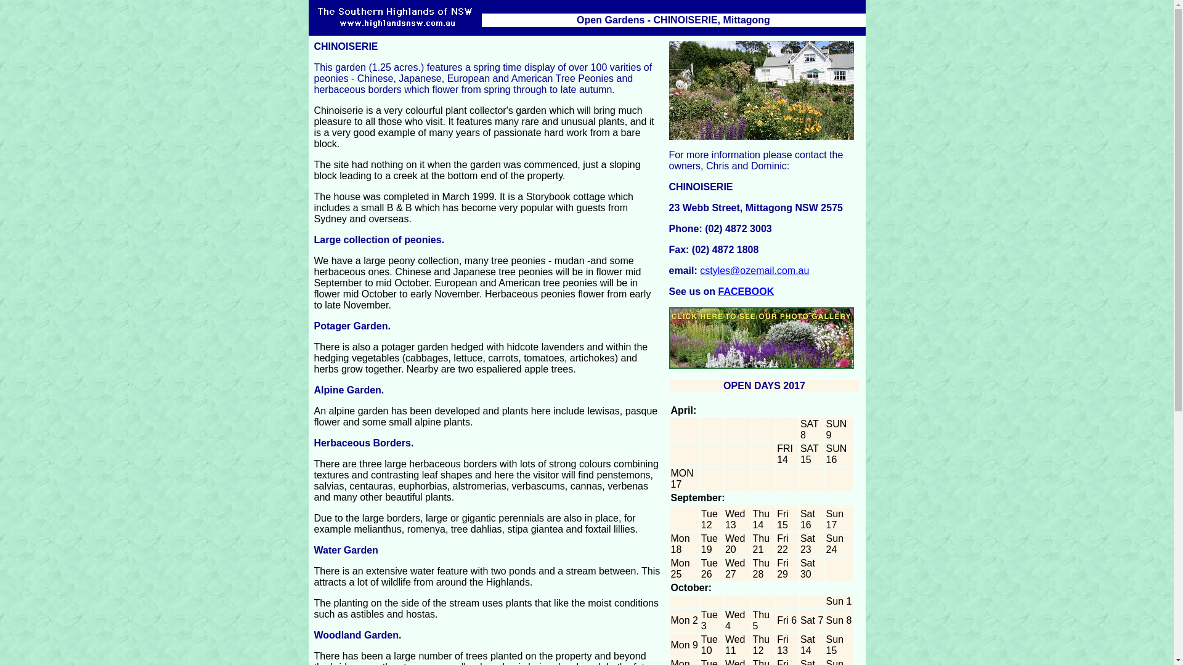  I want to click on 'FACEBOOK', so click(746, 291).